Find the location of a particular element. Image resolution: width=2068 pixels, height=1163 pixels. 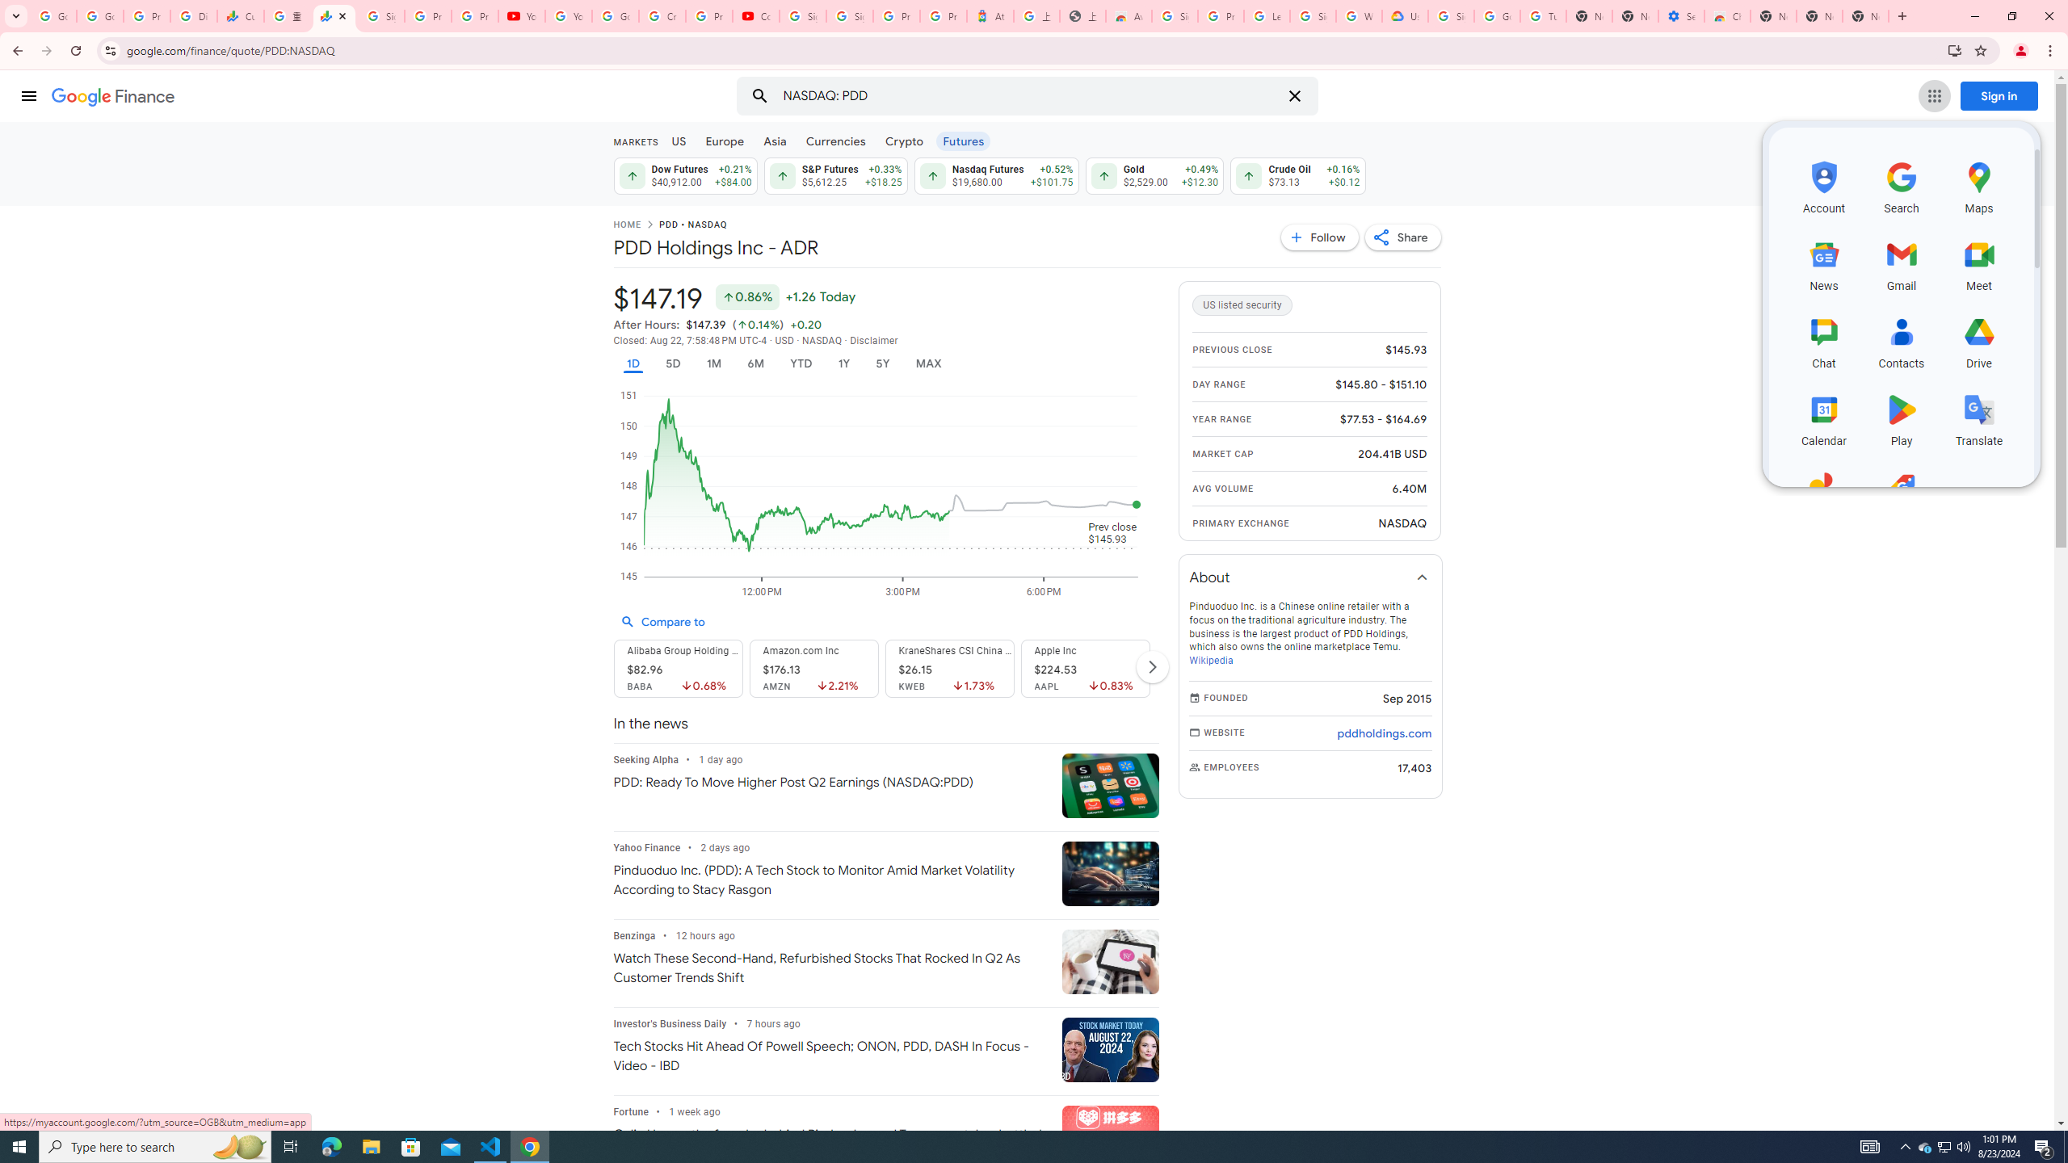

'Gold $2,529.00 Up by 0.48% +$12.30' is located at coordinates (1154, 175).